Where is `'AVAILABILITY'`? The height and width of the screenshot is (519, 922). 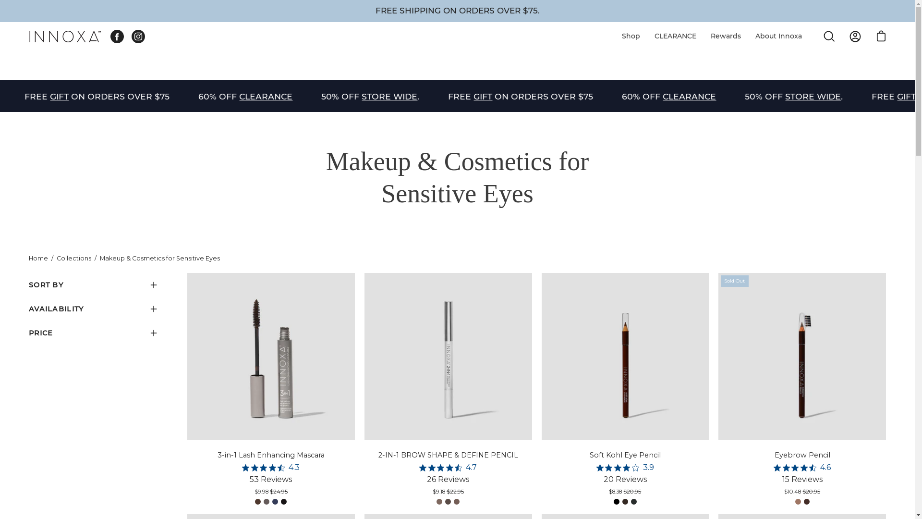
'AVAILABILITY' is located at coordinates (94, 309).